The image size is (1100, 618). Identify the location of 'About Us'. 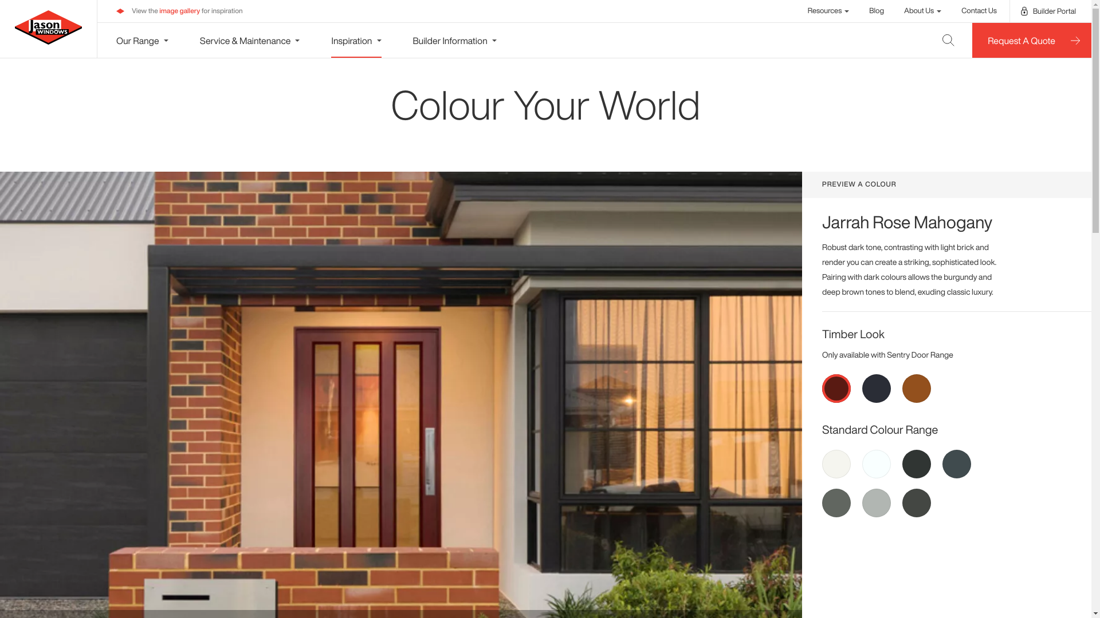
(922, 10).